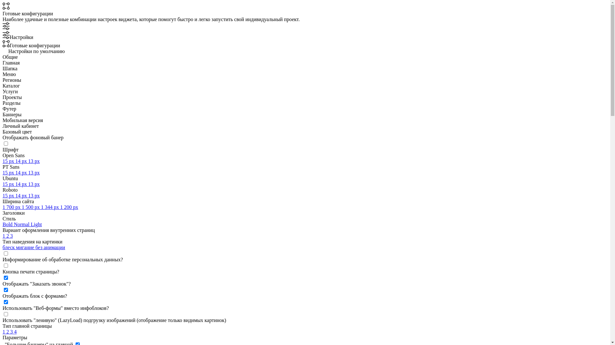 The width and height of the screenshot is (615, 345). What do you see at coordinates (9, 184) in the screenshot?
I see `'15 px'` at bounding box center [9, 184].